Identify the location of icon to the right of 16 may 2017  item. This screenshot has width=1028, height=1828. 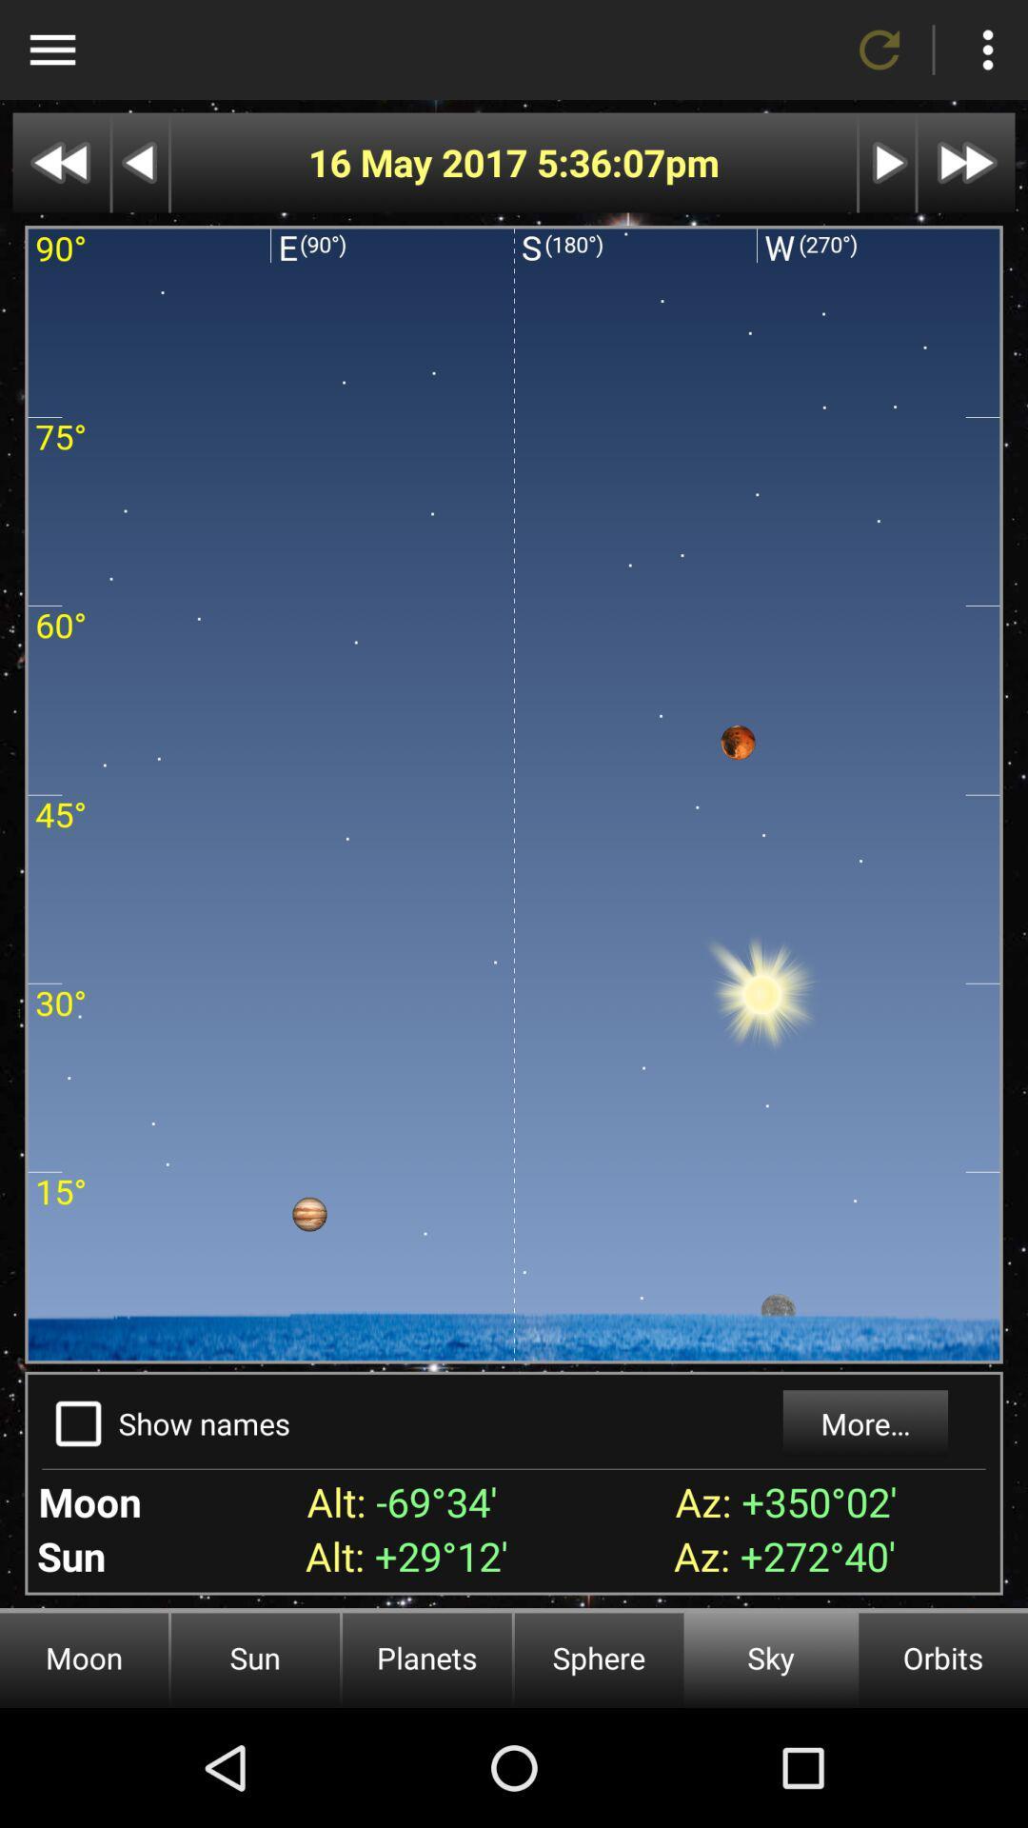
(601, 163).